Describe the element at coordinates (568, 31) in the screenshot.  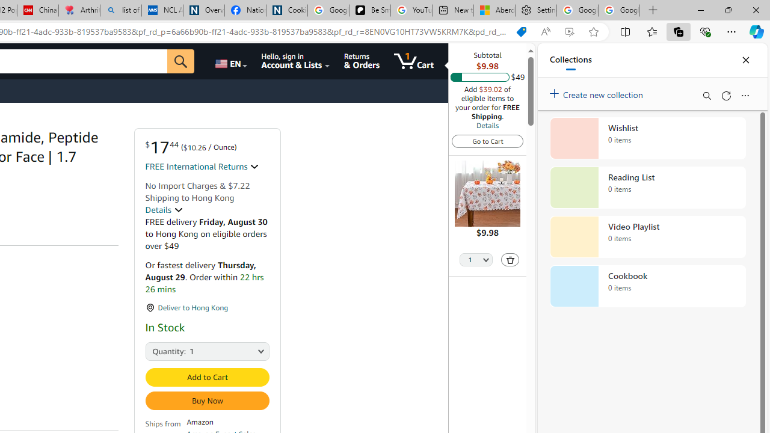
I see `'Enhance video'` at that location.